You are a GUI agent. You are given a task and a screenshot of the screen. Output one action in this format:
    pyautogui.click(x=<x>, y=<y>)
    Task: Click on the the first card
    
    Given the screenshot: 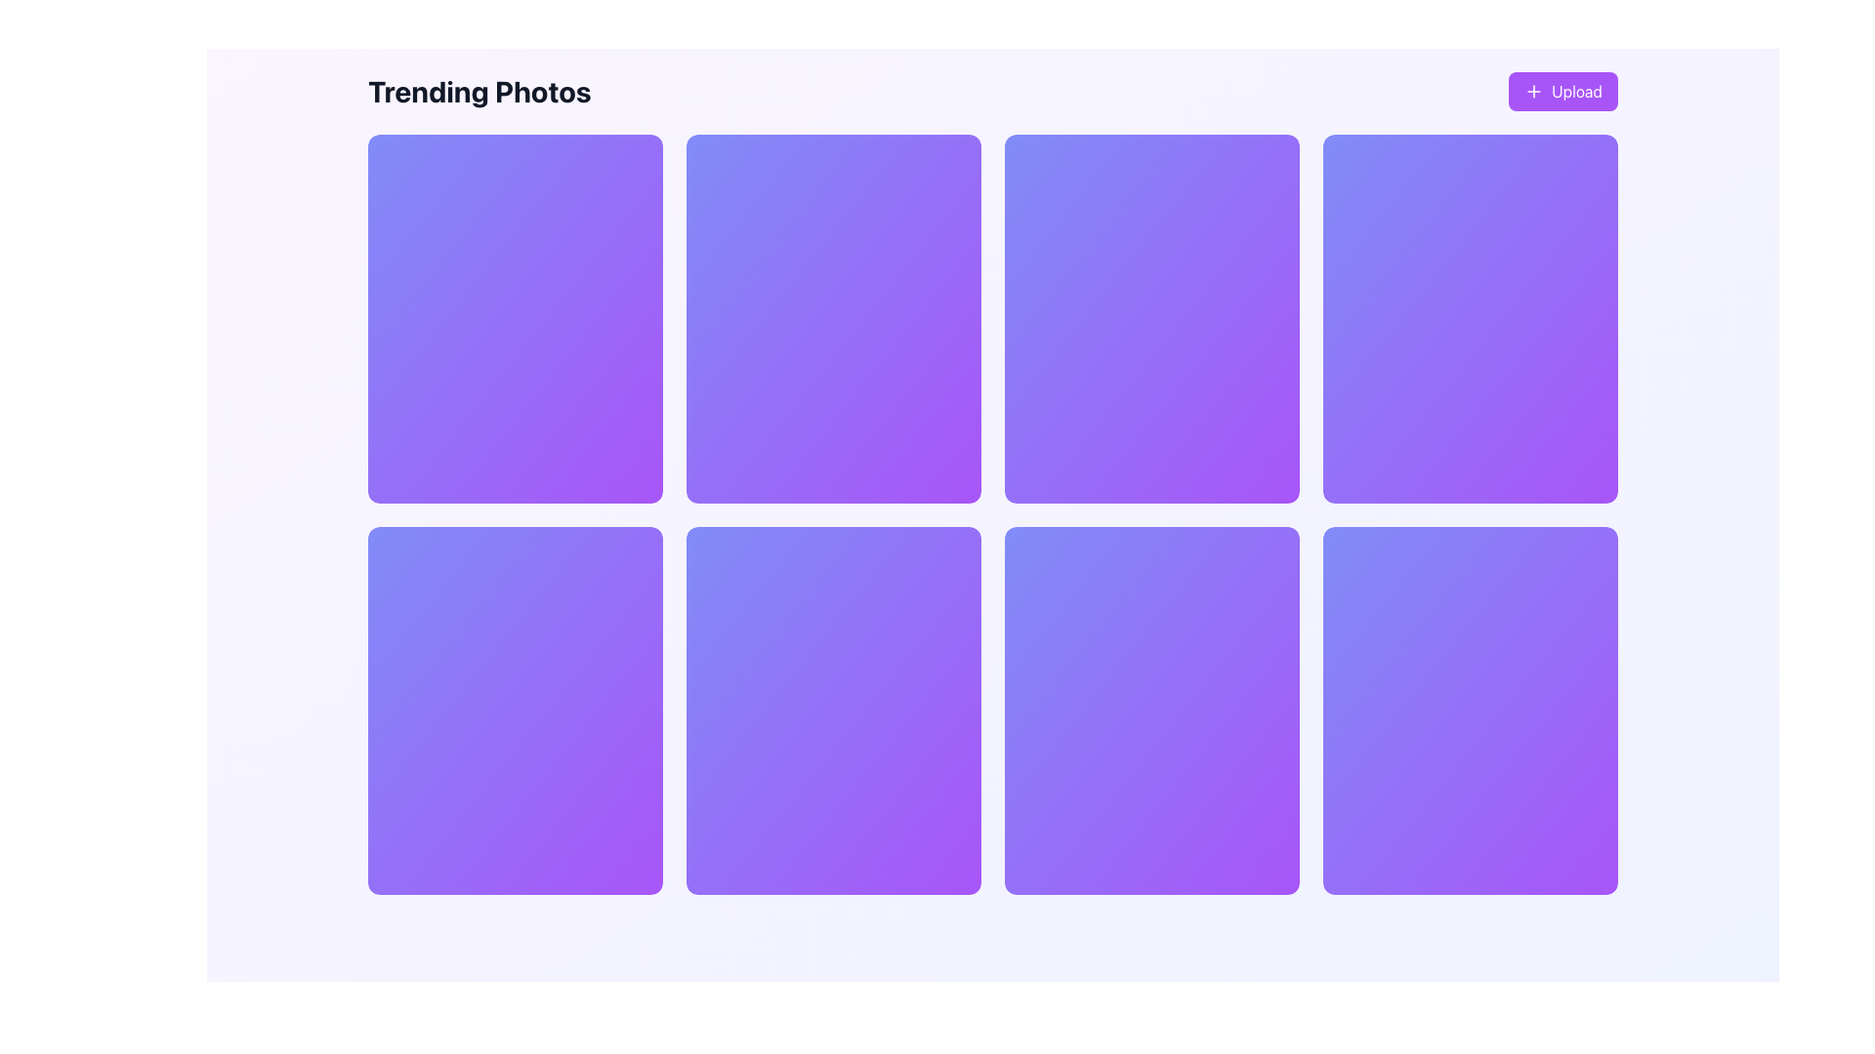 What is the action you would take?
    pyautogui.click(x=516, y=317)
    